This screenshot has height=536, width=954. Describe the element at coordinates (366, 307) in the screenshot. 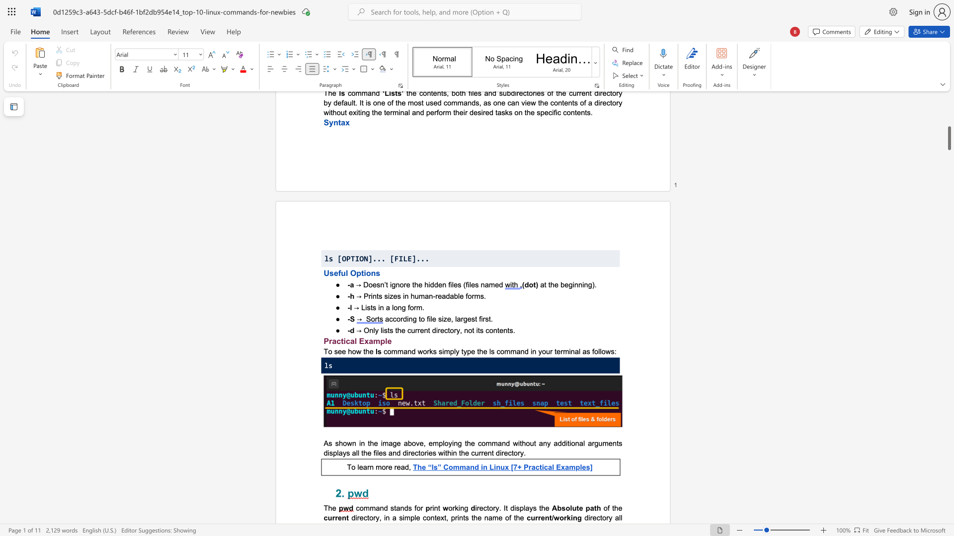

I see `the subset text "sts in a long fo" within the text "→ Lists in a long form."` at that location.